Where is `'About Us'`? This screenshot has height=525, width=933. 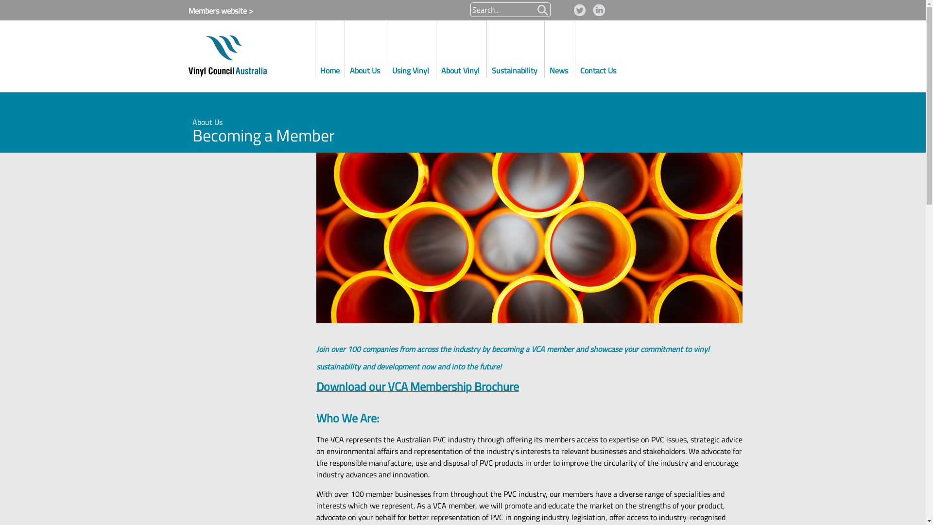 'About Us' is located at coordinates (365, 48).